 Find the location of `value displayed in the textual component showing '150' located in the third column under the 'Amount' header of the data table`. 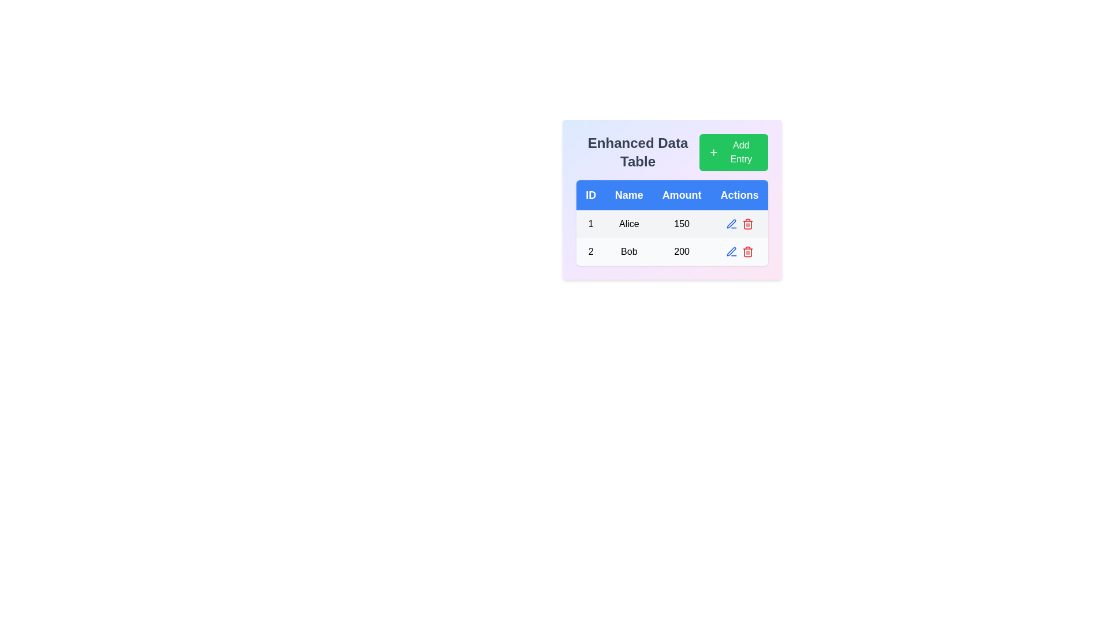

value displayed in the textual component showing '150' located in the third column under the 'Amount' header of the data table is located at coordinates (682, 224).